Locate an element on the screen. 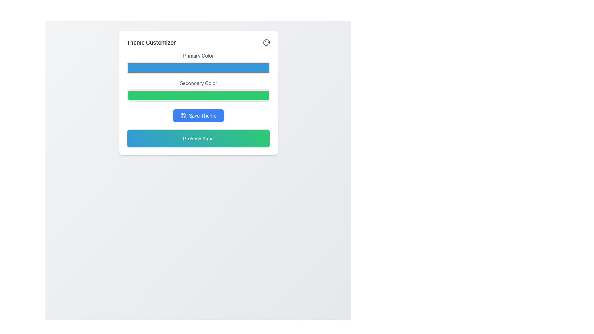 The height and width of the screenshot is (334, 594). the 'Secondary Color' color picker input located in the 'Theme Customizer' section is located at coordinates (198, 91).